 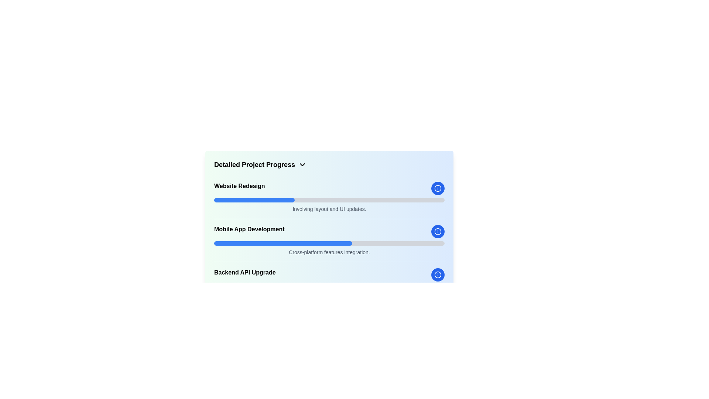 I want to click on progress bar value, so click(x=410, y=243).